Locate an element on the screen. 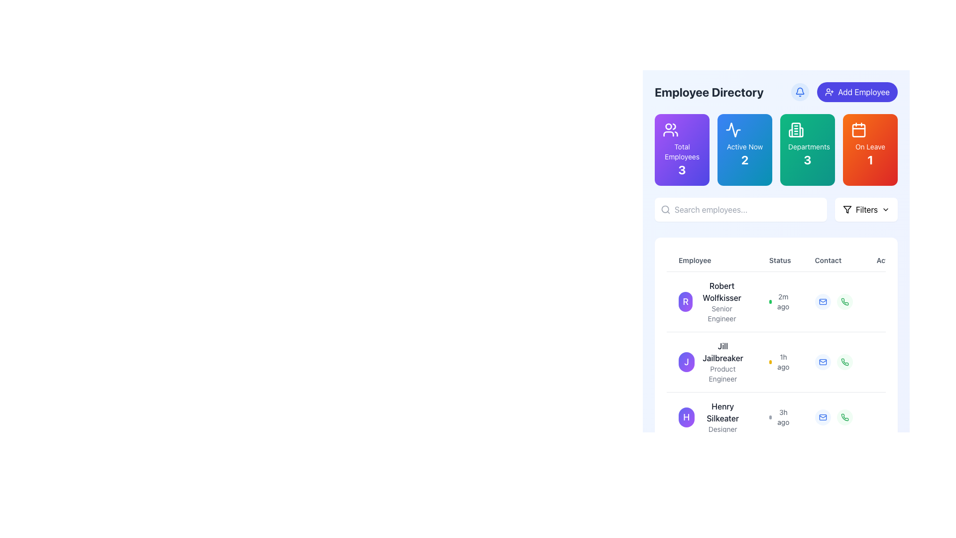  the email envelope icon located next to the contact section of the third employee entry is located at coordinates (823, 417).